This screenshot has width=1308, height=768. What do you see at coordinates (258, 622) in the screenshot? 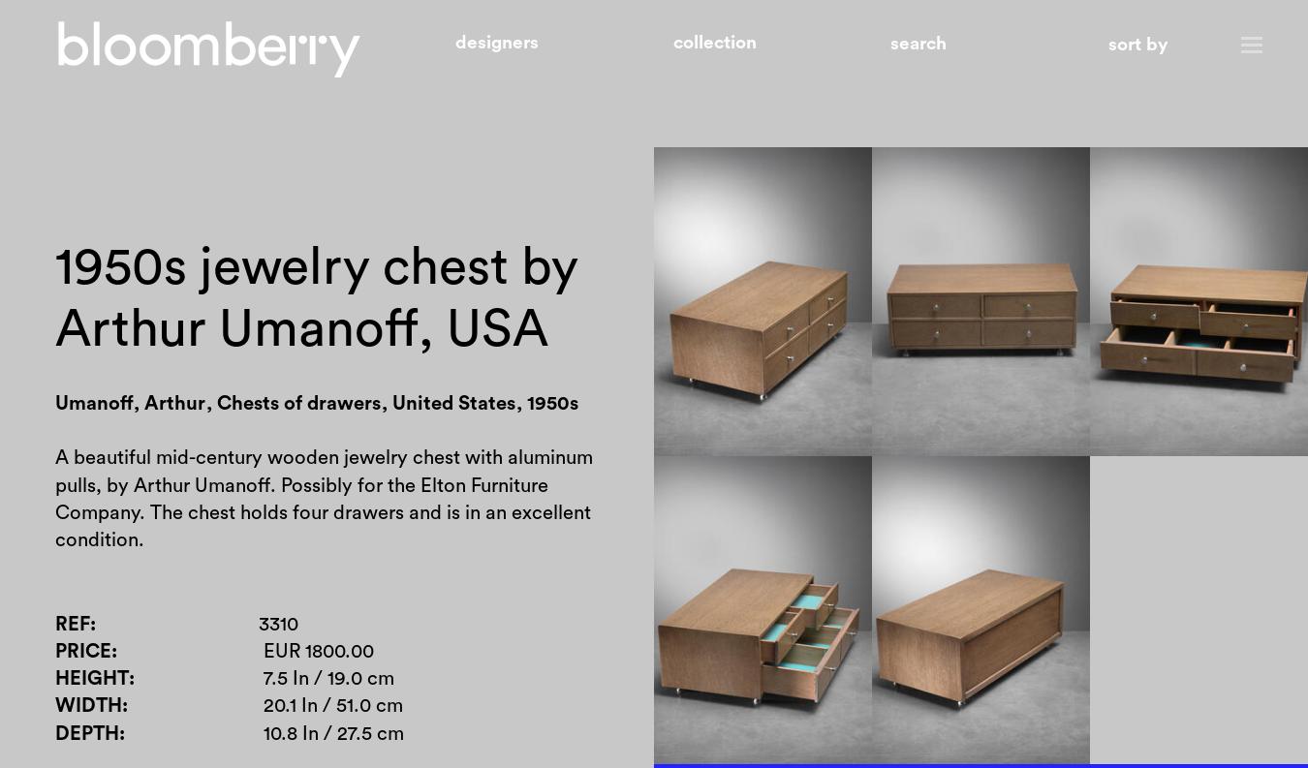
I see `'3310'` at bounding box center [258, 622].